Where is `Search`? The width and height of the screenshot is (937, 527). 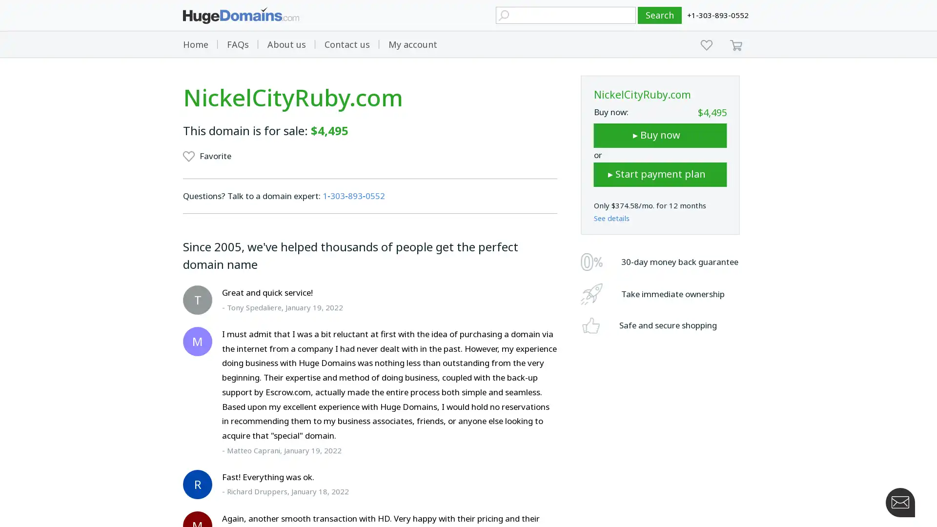
Search is located at coordinates (660, 15).